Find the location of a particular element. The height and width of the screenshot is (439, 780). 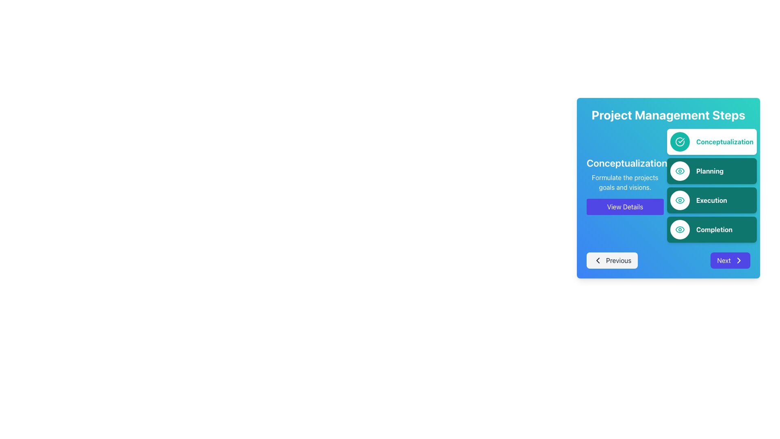

the descriptive text element located under the 'Conceptualization' title and above the 'View Details' button is located at coordinates (624, 182).